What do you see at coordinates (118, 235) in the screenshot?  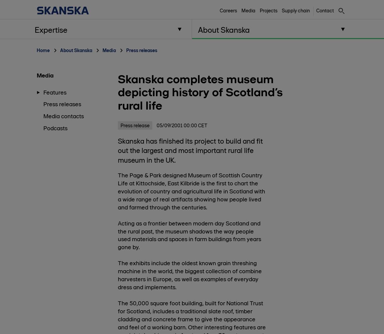 I see `'Acting as a frontier between modern day Scotland and the rural past, the museum shadows the way people used materials and spaces in farm buildings from years gone by.'` at bounding box center [118, 235].